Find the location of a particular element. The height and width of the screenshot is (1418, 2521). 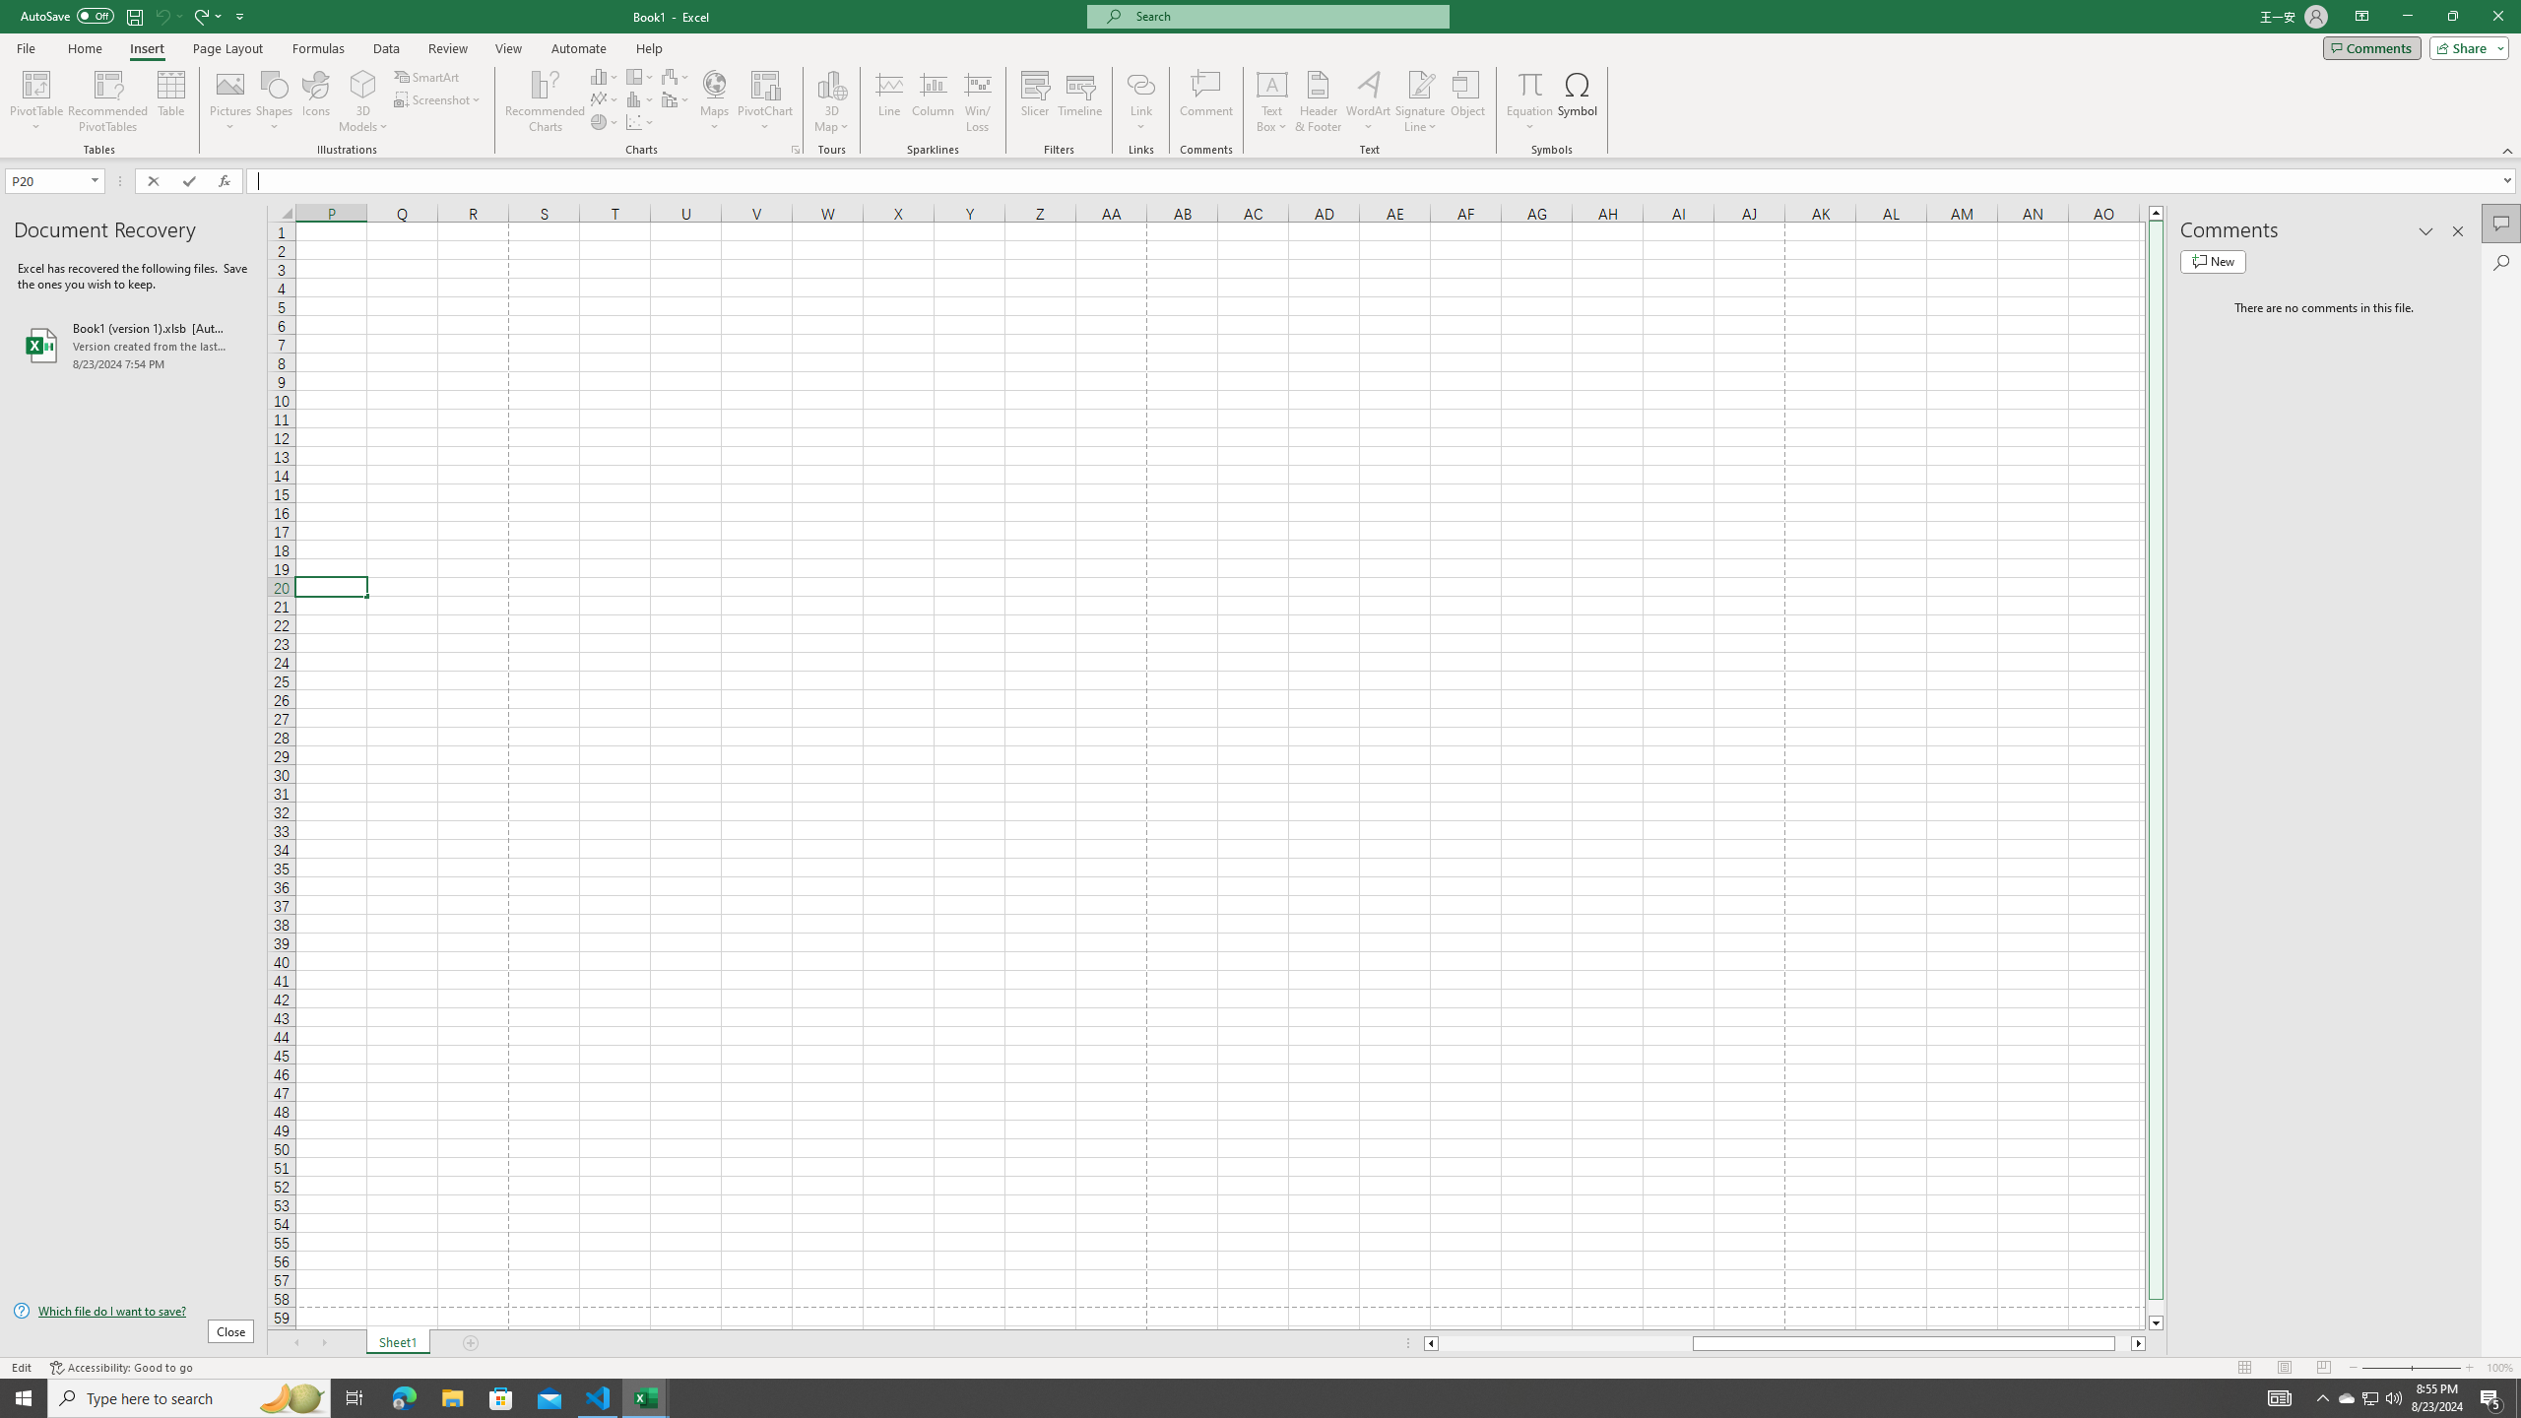

'Close pane' is located at coordinates (2457, 230).